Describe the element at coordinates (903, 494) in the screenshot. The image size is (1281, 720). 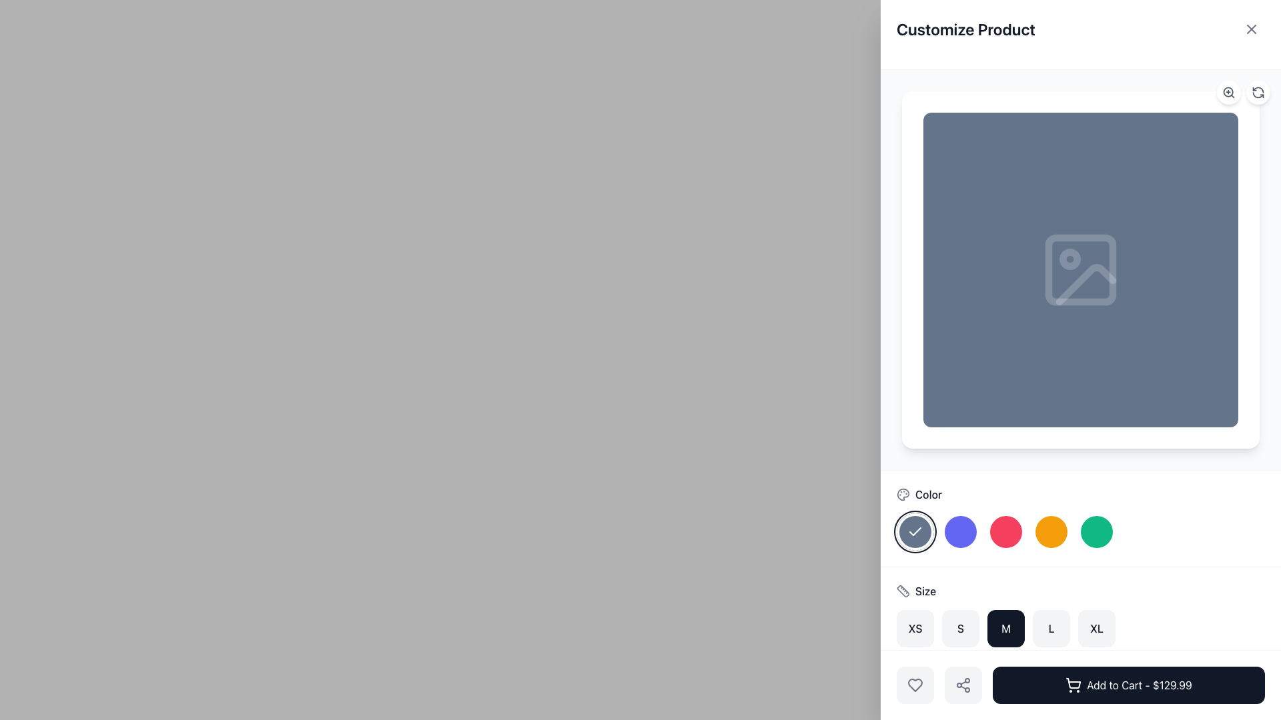
I see `the circular icon subcomponent of the paint palette, which is part of the minimalist interface and located above the color selection area in the right panel` at that location.